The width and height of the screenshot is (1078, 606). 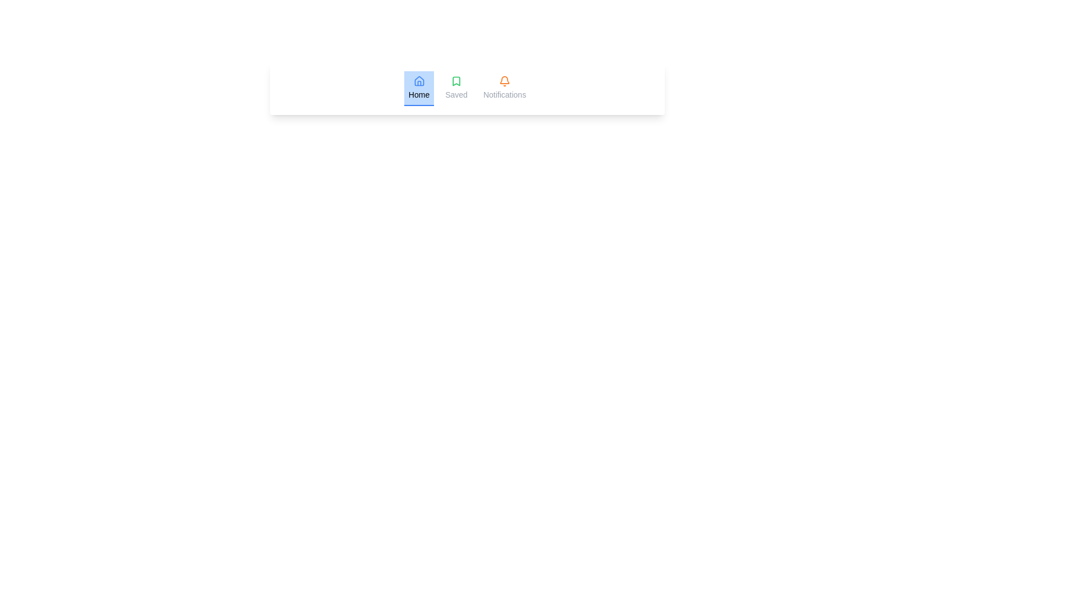 What do you see at coordinates (504, 88) in the screenshot?
I see `the category Notifications by clicking on its name or icon` at bounding box center [504, 88].